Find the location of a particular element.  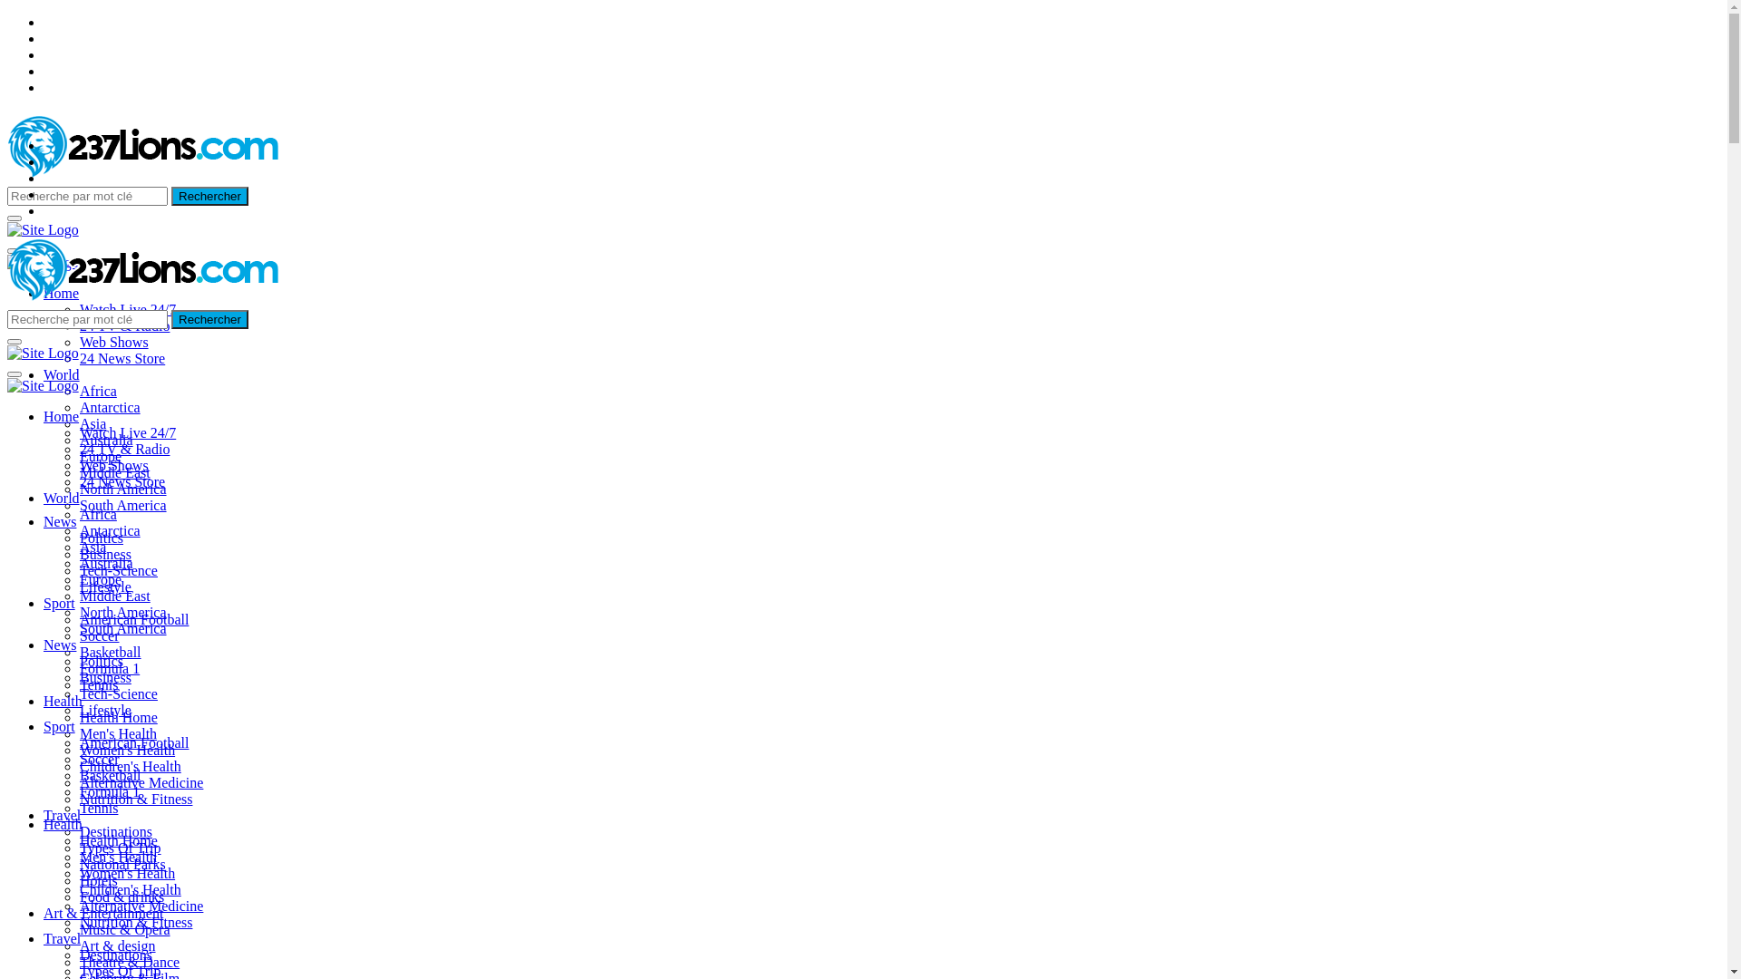

'Soccer' is located at coordinates (99, 635).